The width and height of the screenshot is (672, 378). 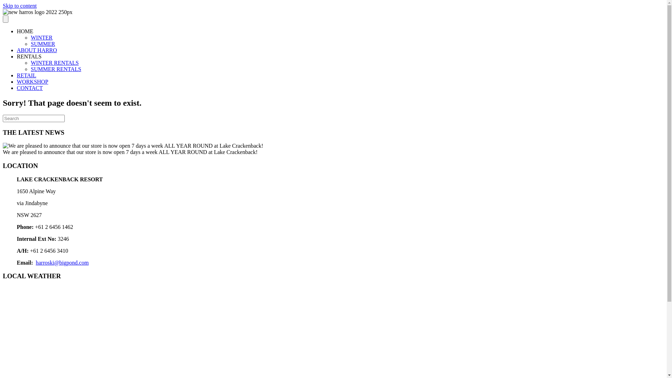 What do you see at coordinates (54, 62) in the screenshot?
I see `'WINTER RENTALS'` at bounding box center [54, 62].